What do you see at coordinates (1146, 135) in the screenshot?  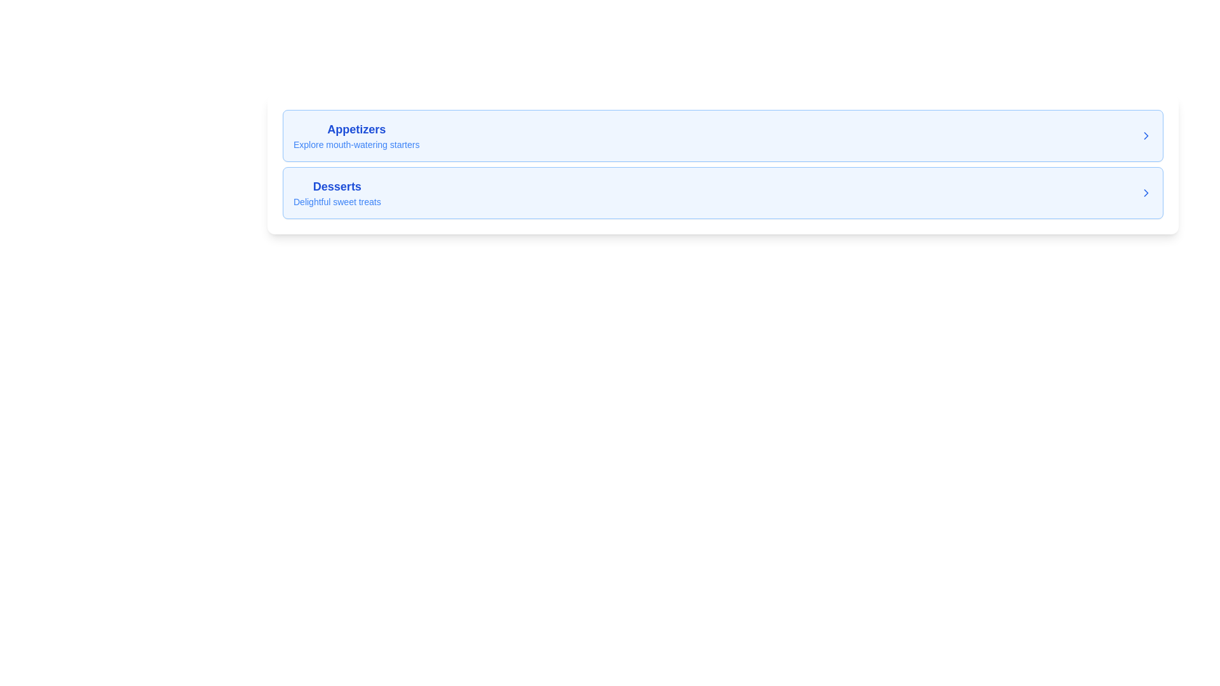 I see `the blue chevron arrow icon located in the top entry of the list that aligns with the 'Appetizers' label` at bounding box center [1146, 135].